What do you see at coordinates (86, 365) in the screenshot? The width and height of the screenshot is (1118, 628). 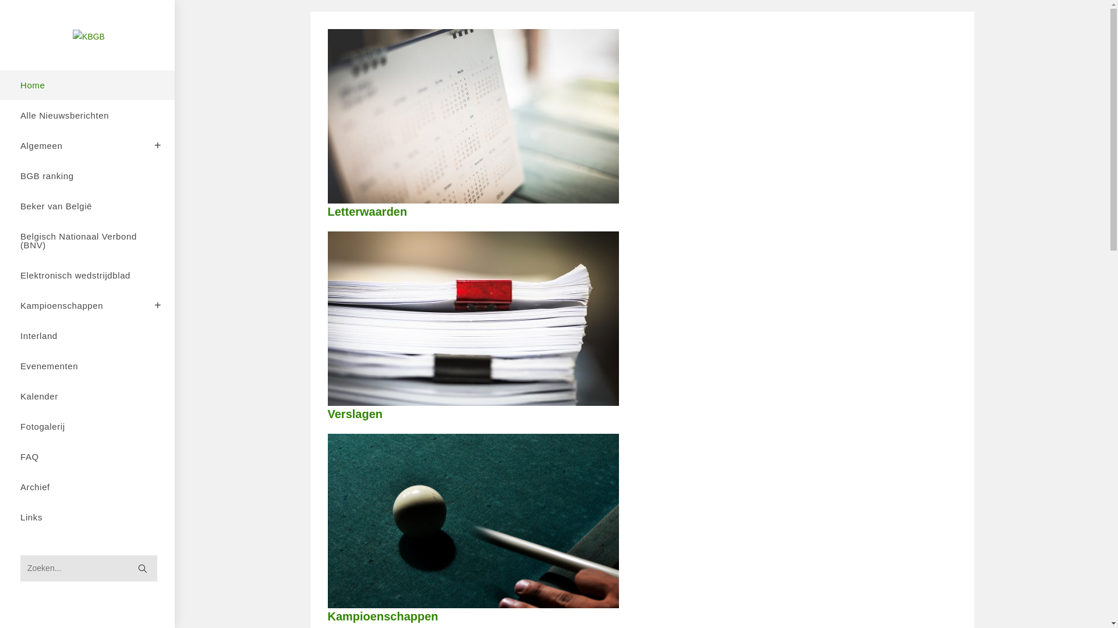 I see `'Evenementen'` at bounding box center [86, 365].